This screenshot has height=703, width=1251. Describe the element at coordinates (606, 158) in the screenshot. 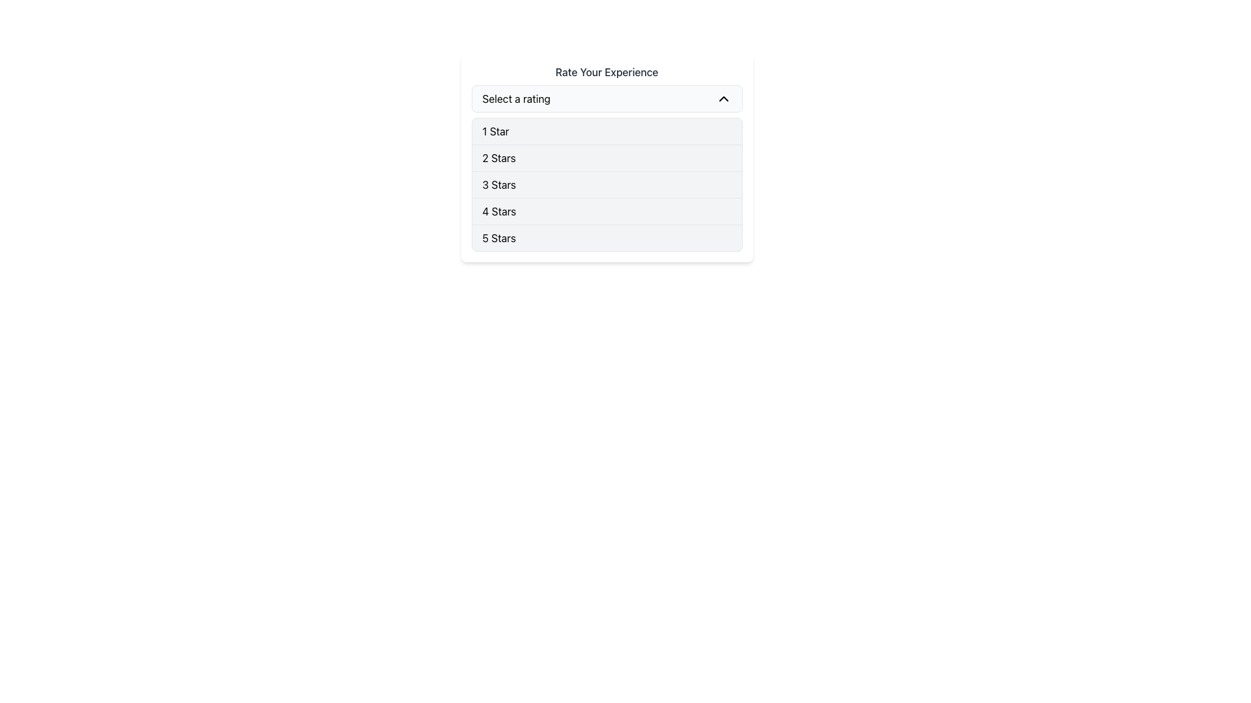

I see `the '2 Stars' option in the dropdown menu styled with a white background and rounded corners` at that location.